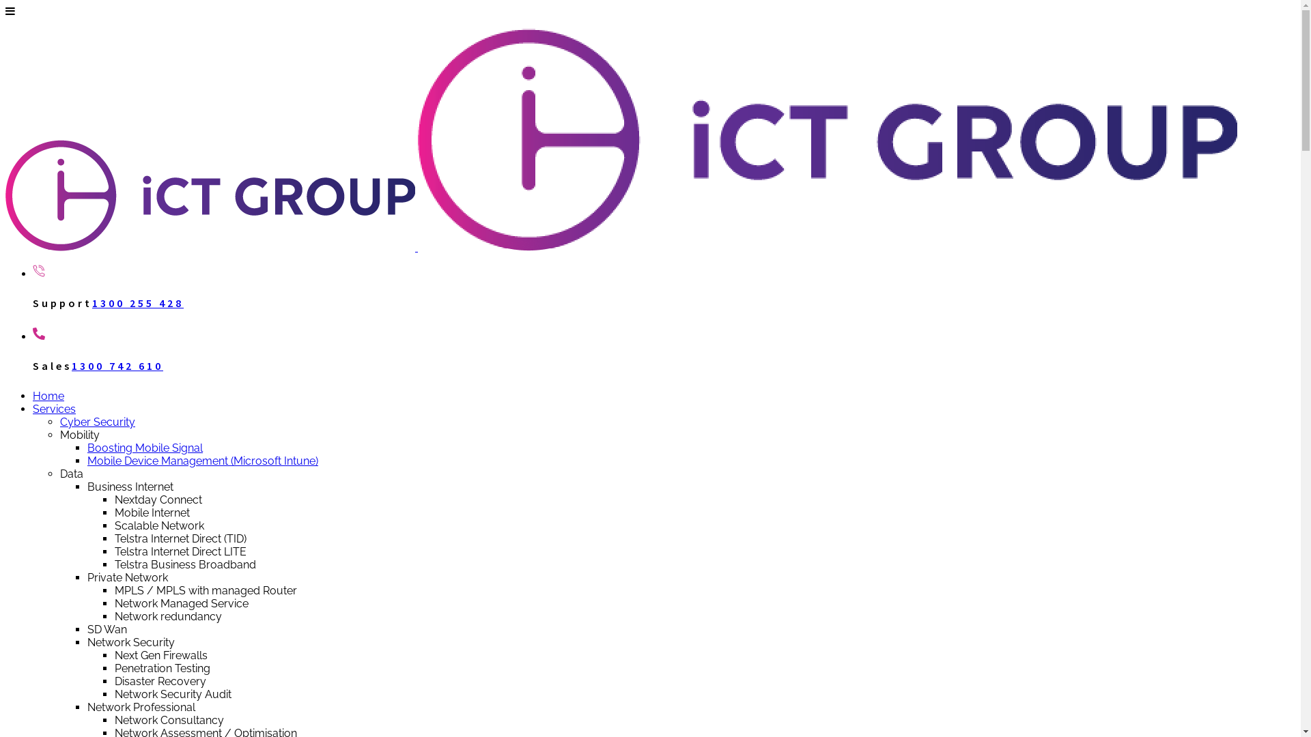 Image resolution: width=1311 pixels, height=737 pixels. Describe the element at coordinates (54, 408) in the screenshot. I see `'Services'` at that location.